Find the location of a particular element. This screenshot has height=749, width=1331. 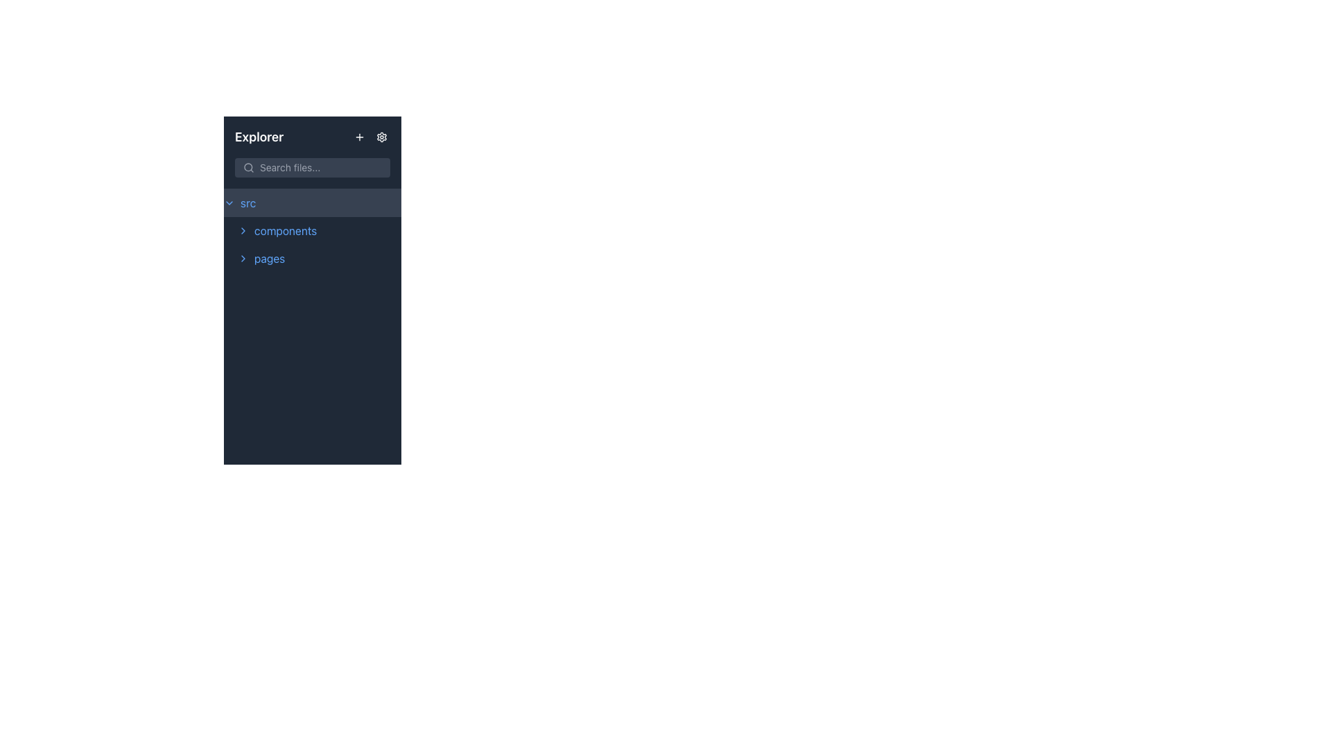

the blue rightward-pointing chevron icon located to the left of the 'pages' label in the sidebar interface is located at coordinates (243, 259).